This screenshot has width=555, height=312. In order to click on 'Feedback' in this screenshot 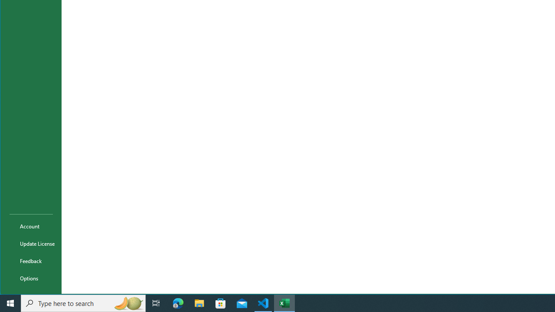, I will do `click(31, 260)`.